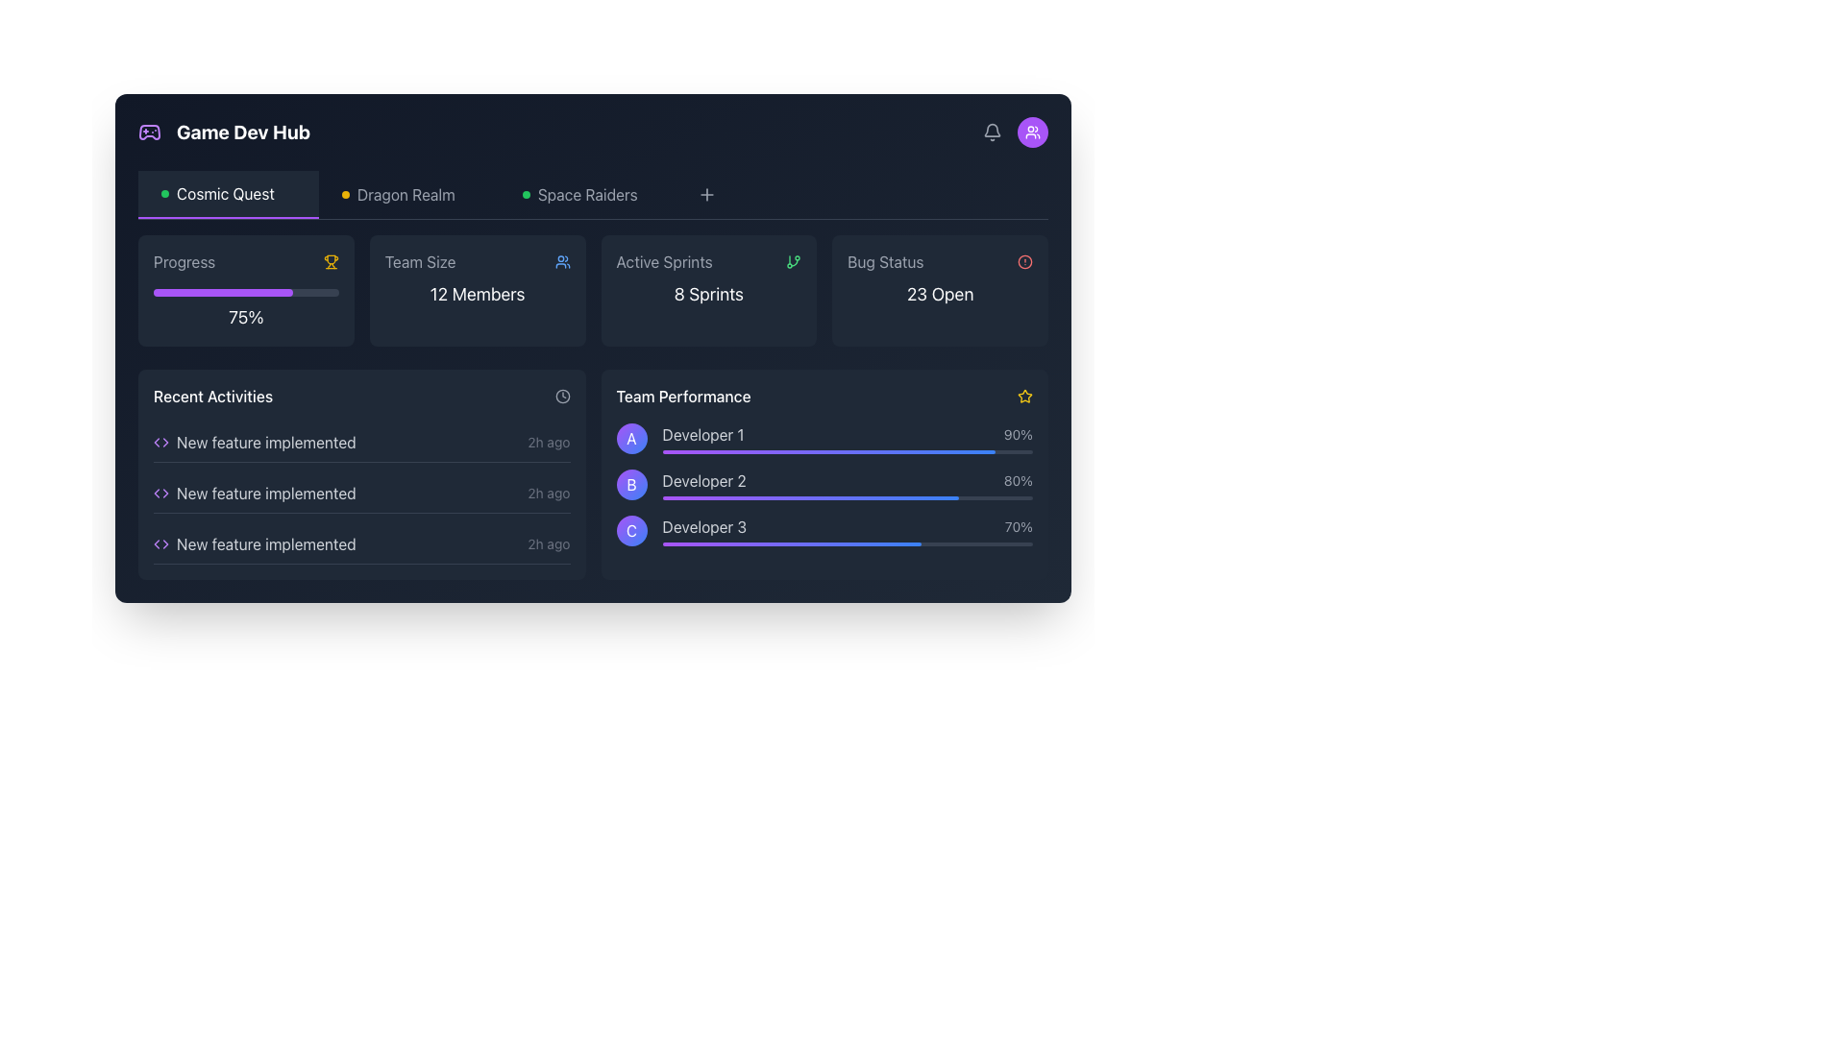 Image resolution: width=1845 pixels, height=1037 pixels. Describe the element at coordinates (253, 492) in the screenshot. I see `the text label 'New feature implemented' which is the second item in the 'Recent Activities' list` at that location.